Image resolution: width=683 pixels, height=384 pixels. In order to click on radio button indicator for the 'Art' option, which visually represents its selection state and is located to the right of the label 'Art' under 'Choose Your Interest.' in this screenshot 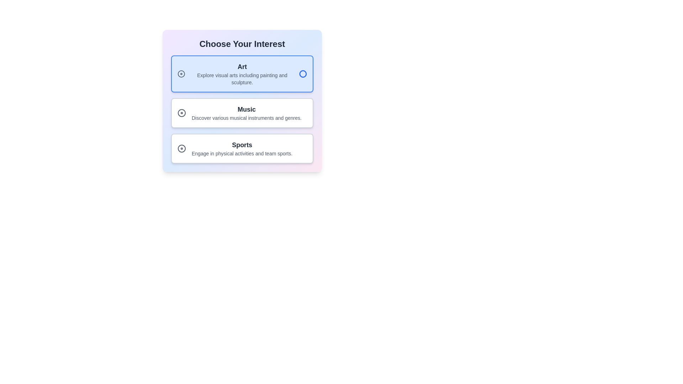, I will do `click(303, 74)`.